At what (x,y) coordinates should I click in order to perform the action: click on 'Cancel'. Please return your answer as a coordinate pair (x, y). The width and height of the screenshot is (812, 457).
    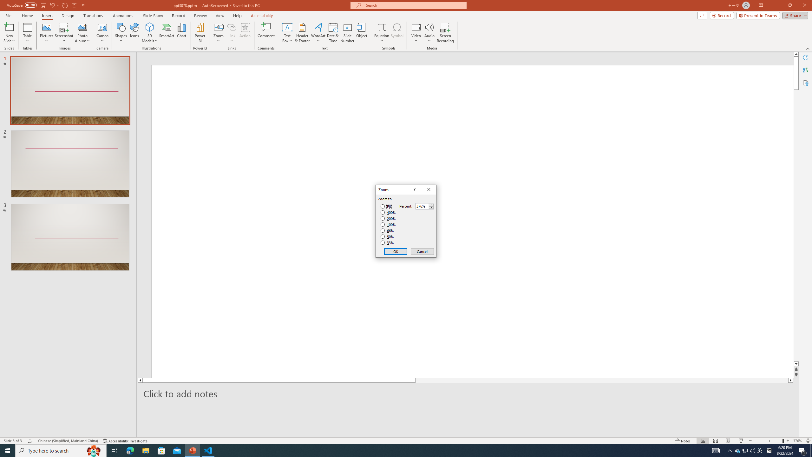
    Looking at the image, I should click on (422, 251).